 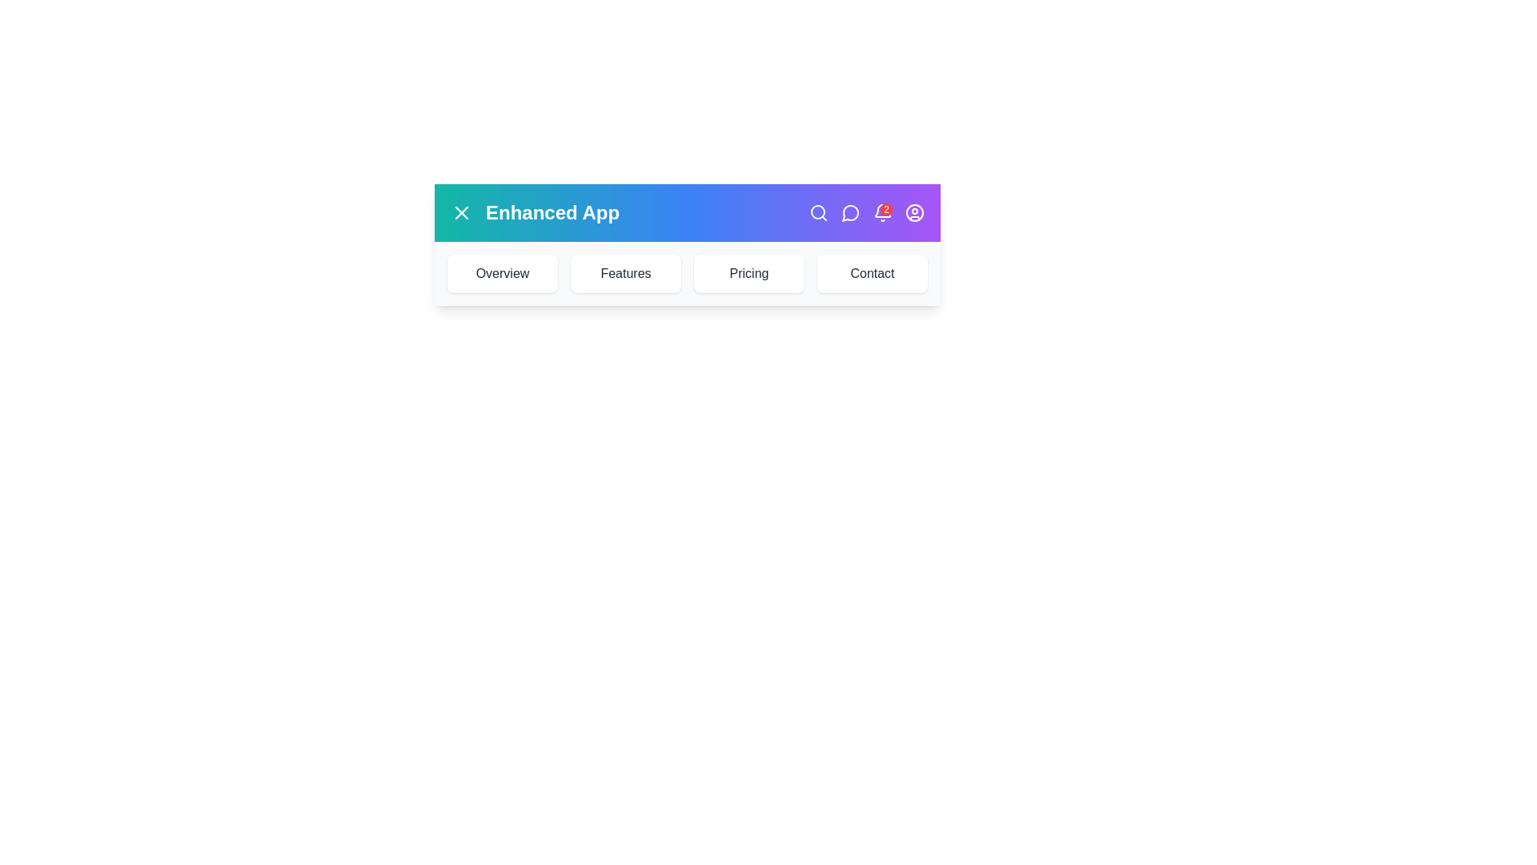 What do you see at coordinates (914, 212) in the screenshot?
I see `the user icon to access user-related functionality` at bounding box center [914, 212].